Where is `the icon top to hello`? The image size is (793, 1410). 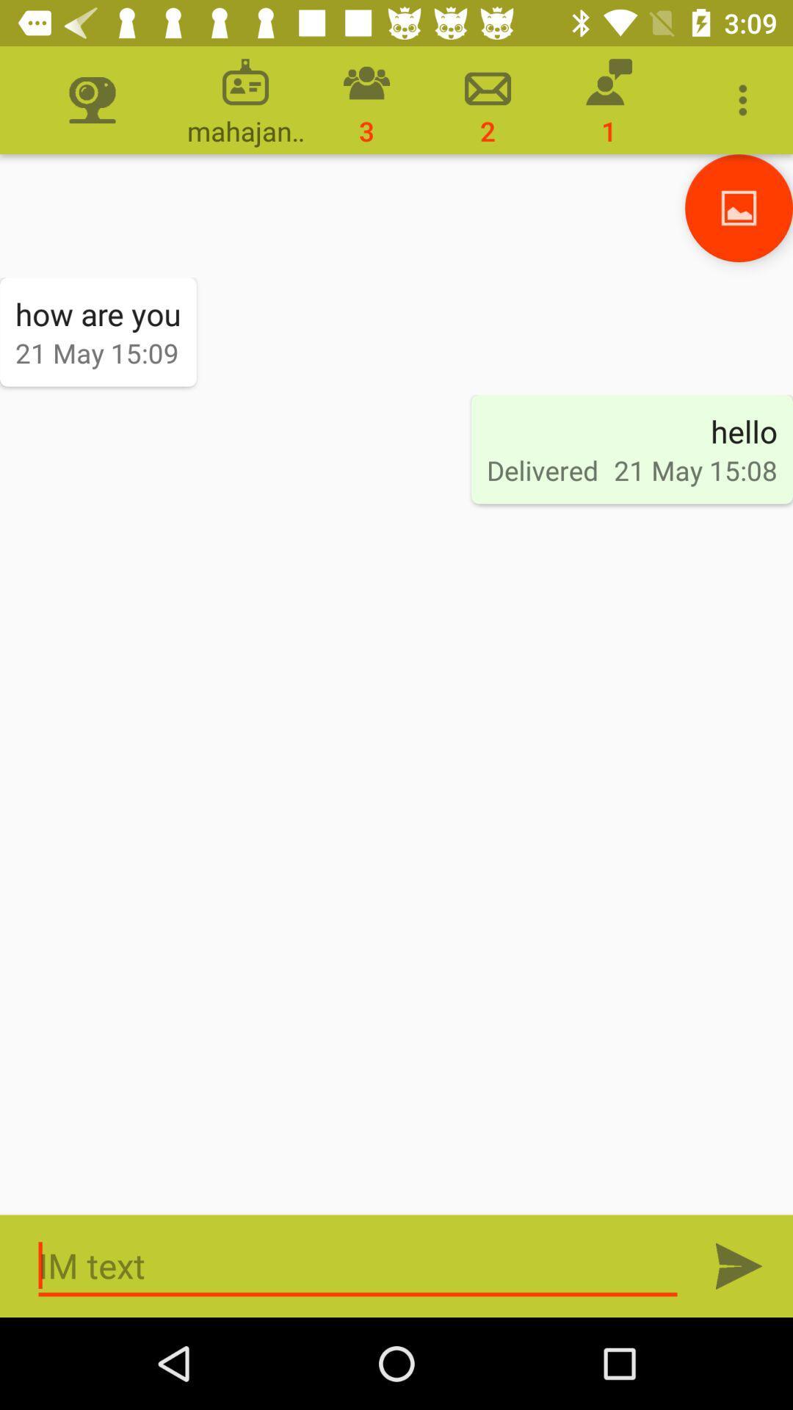 the icon top to hello is located at coordinates (739, 207).